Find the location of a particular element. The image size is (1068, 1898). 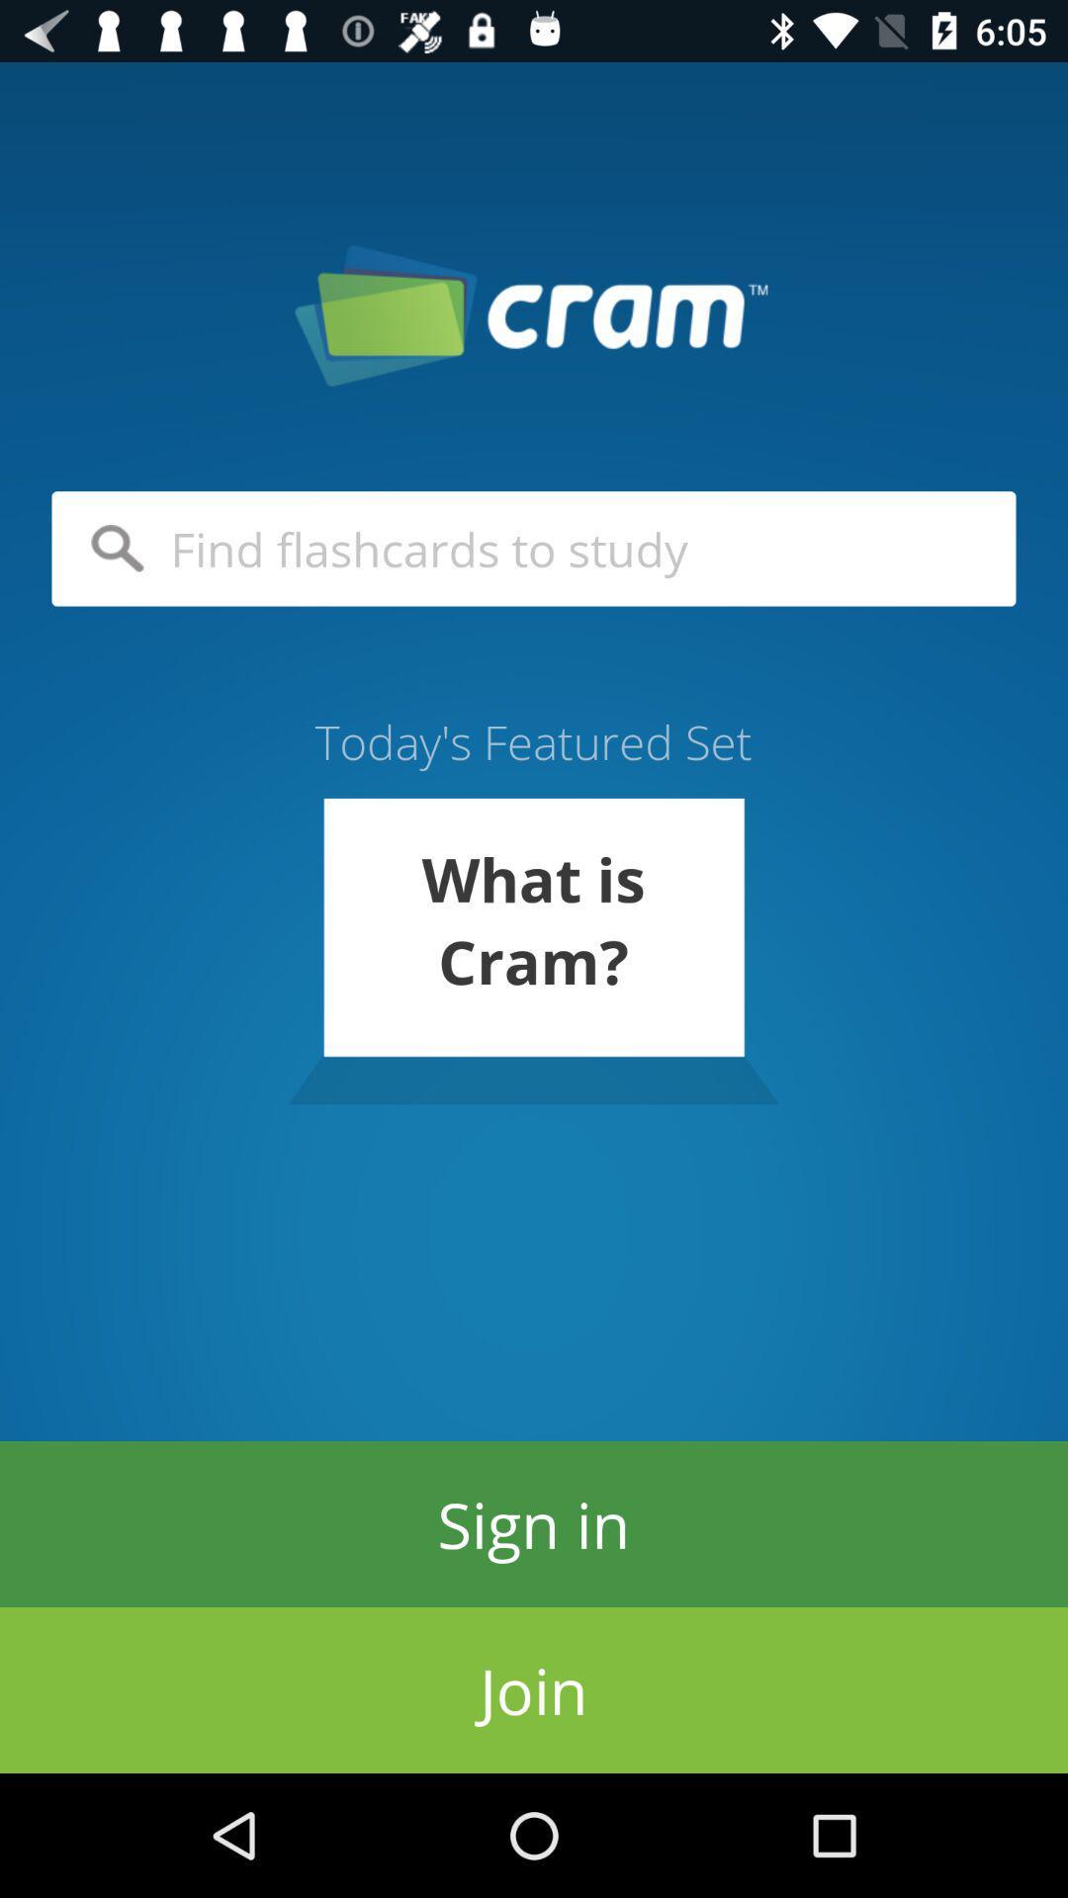

the icon below today s featured item is located at coordinates (532, 951).